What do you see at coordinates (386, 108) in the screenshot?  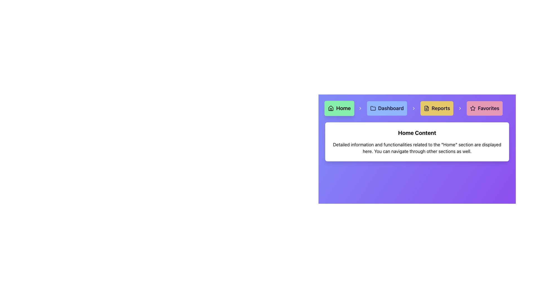 I see `the 'Dashboard' navigation button to make it more opaque, which is located directly to the right of the 'Home' button and to the left of the 'Reports' button` at bounding box center [386, 108].